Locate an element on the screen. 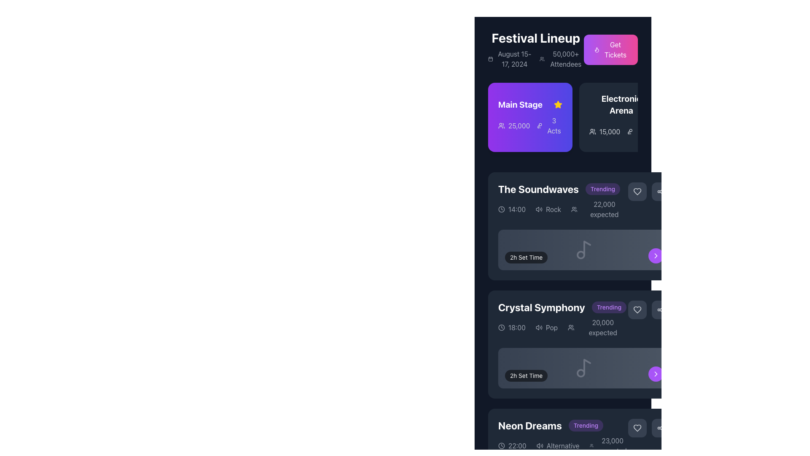 The height and width of the screenshot is (456, 810). the rounded rectangular badge with a purple background labeled 'Trending', which is located to the right of 'The Soundwaves' is located at coordinates (602, 188).